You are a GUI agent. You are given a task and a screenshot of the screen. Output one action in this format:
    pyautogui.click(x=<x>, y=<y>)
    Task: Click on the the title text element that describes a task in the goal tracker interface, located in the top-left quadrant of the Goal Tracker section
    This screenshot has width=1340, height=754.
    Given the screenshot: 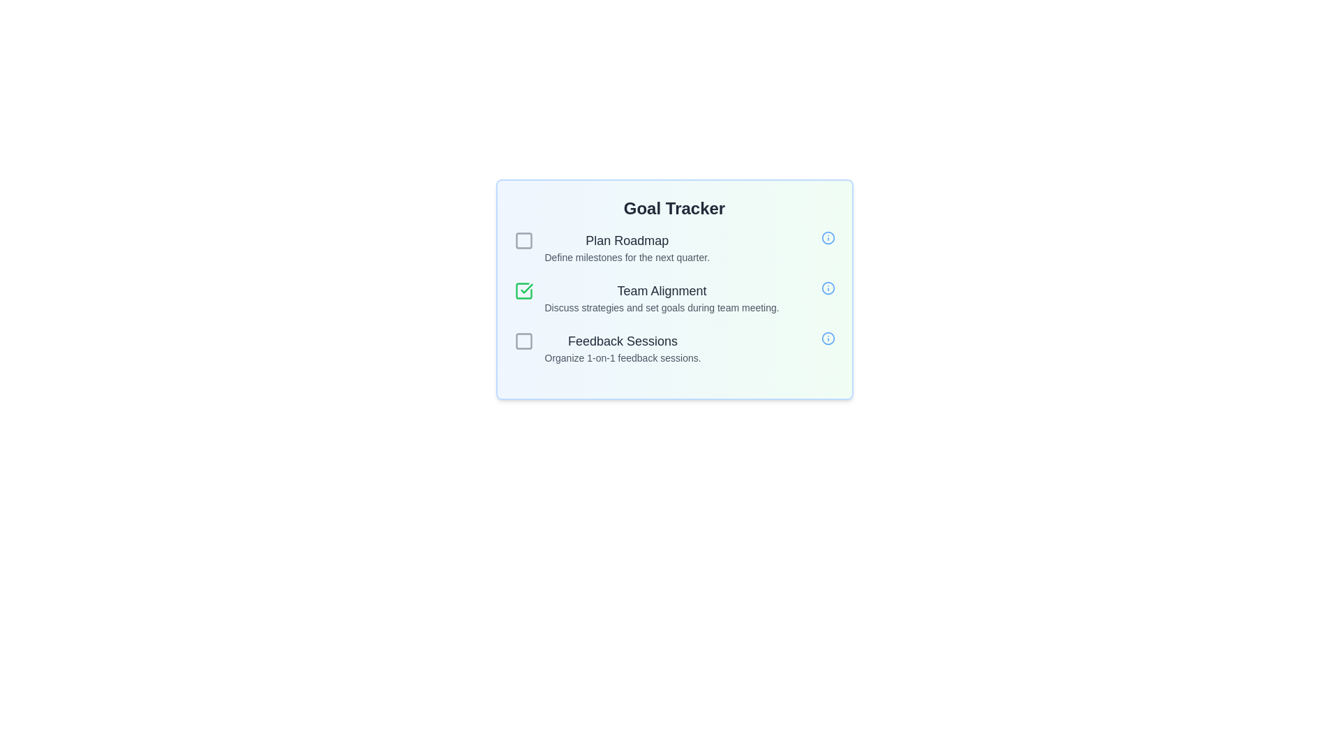 What is the action you would take?
    pyautogui.click(x=626, y=239)
    